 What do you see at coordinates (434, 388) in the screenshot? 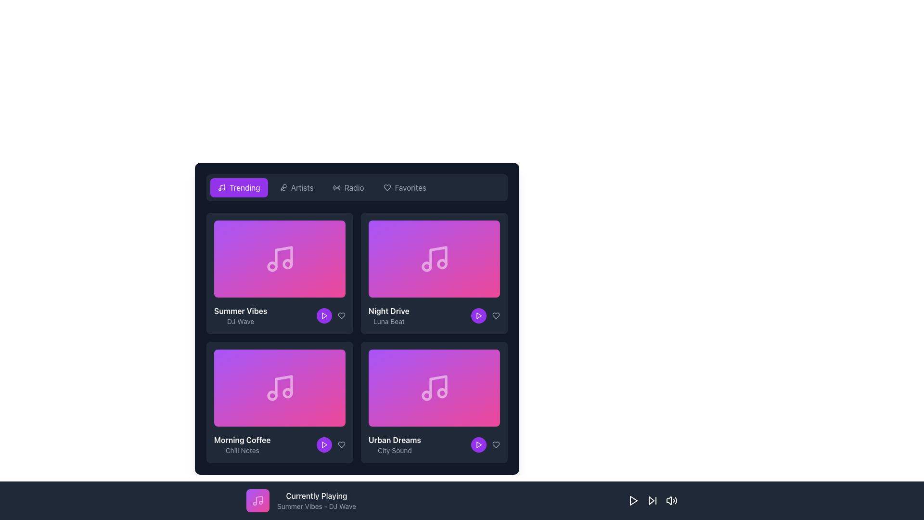
I see `the music note icon with a purple to pink gradient background located in the 'Urban Dreams' music card at the bottom-right of the grid` at bounding box center [434, 388].